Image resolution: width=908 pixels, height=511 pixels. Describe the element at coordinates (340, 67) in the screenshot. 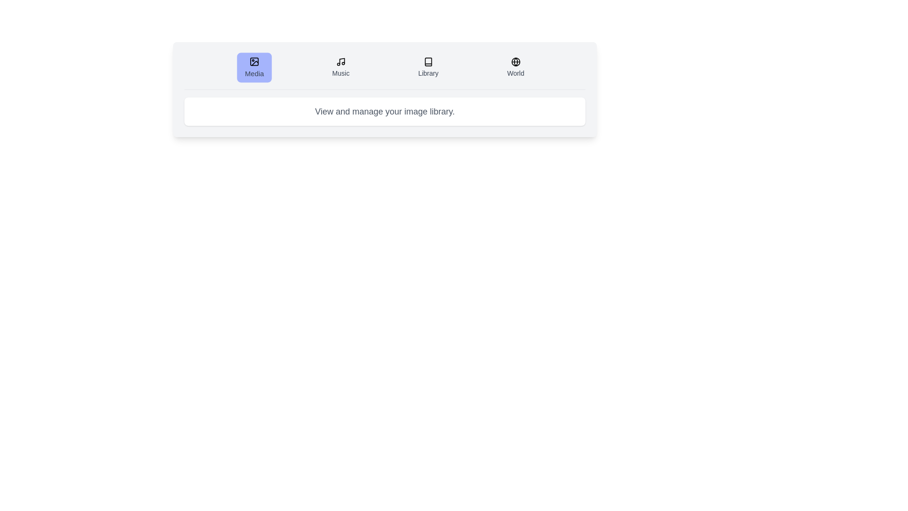

I see `the tab labeled Music` at that location.